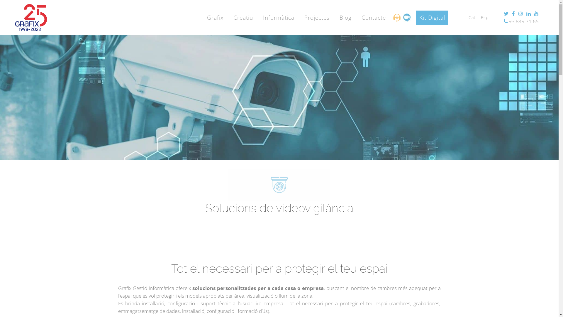 Image resolution: width=563 pixels, height=317 pixels. I want to click on 'Creatiu', so click(243, 17).